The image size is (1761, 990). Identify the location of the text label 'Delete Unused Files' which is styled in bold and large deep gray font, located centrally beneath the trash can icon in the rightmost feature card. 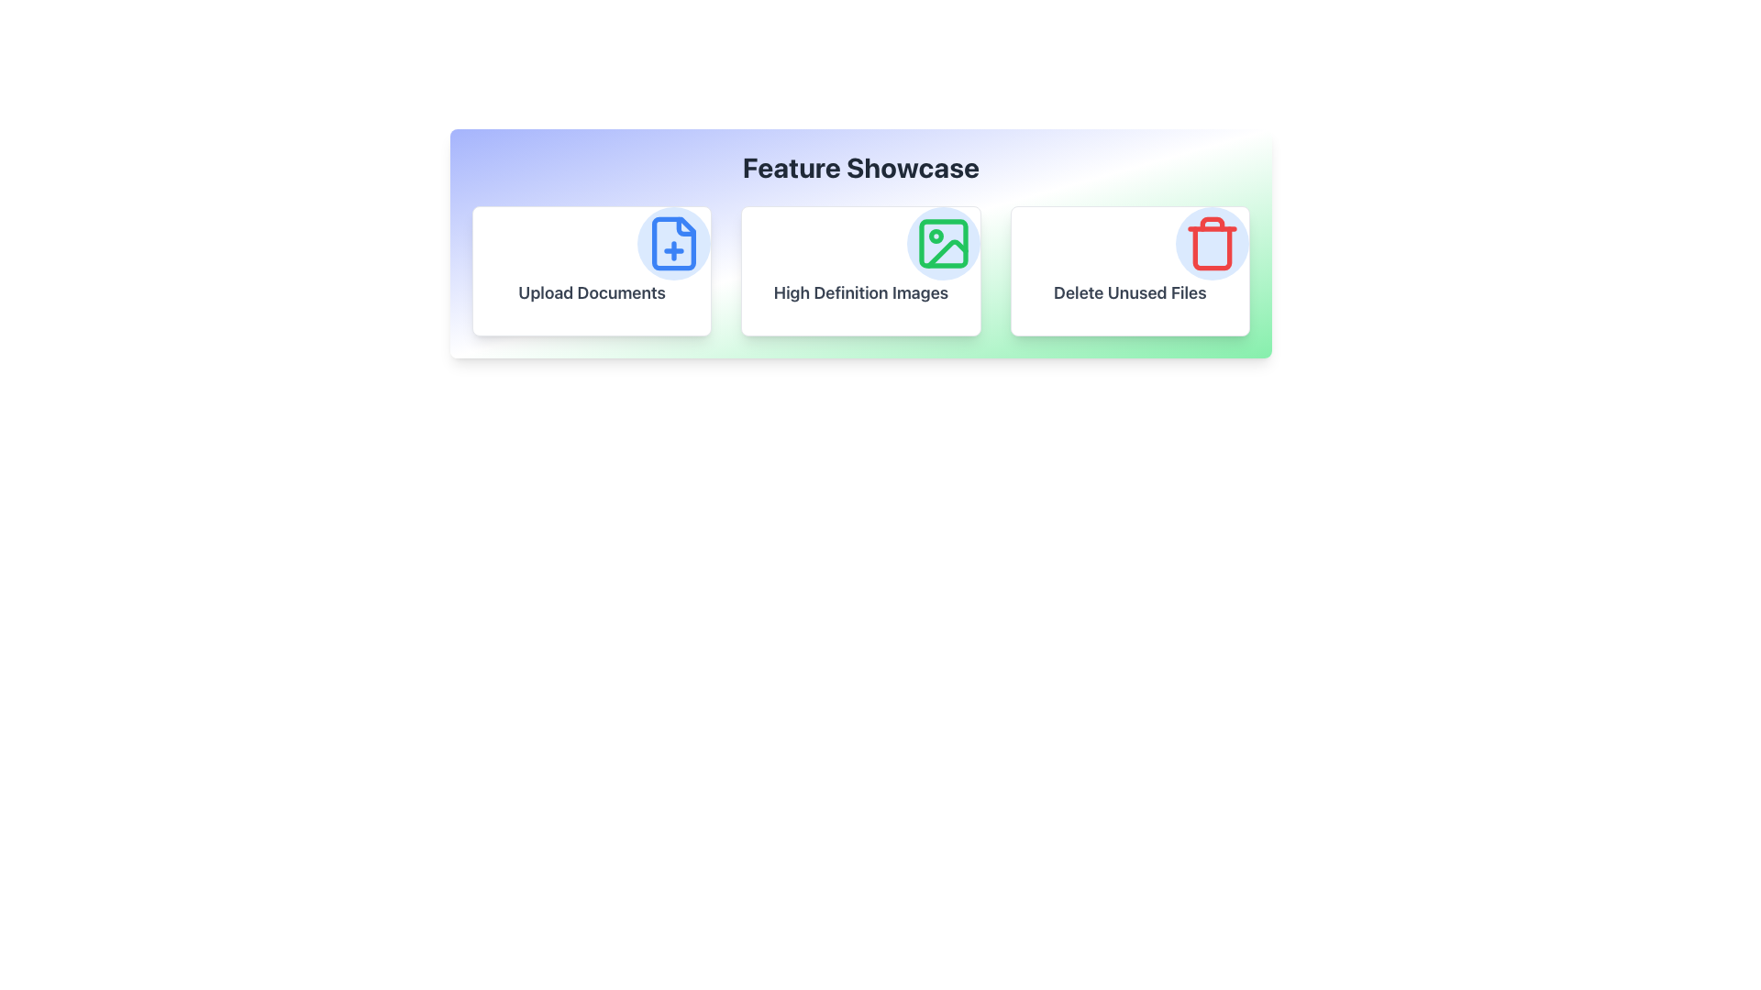
(1129, 292).